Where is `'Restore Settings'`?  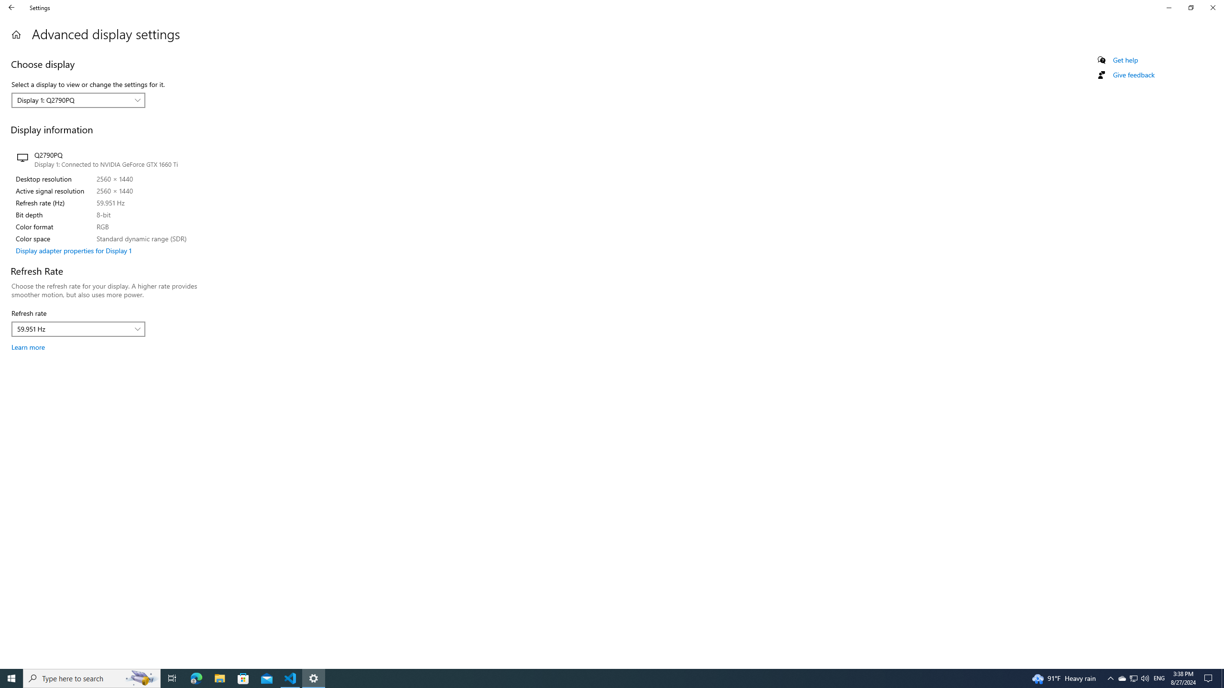 'Restore Settings' is located at coordinates (1191, 7).